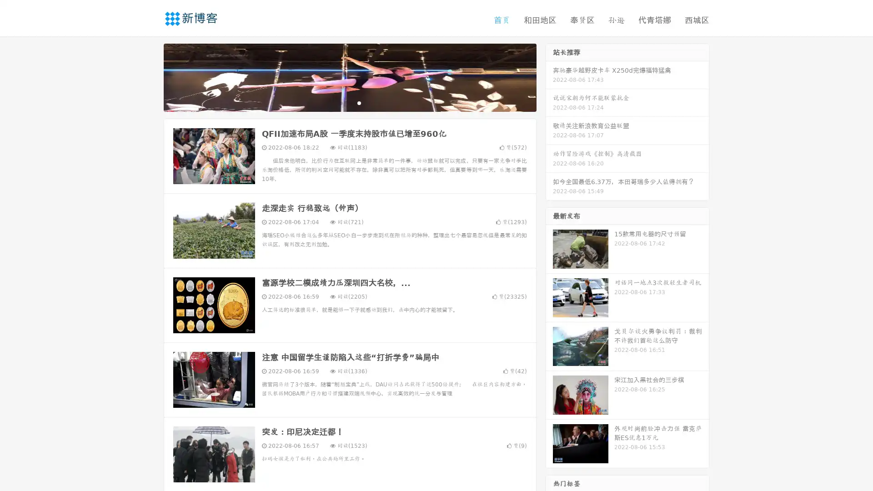  I want to click on Next slide, so click(549, 76).